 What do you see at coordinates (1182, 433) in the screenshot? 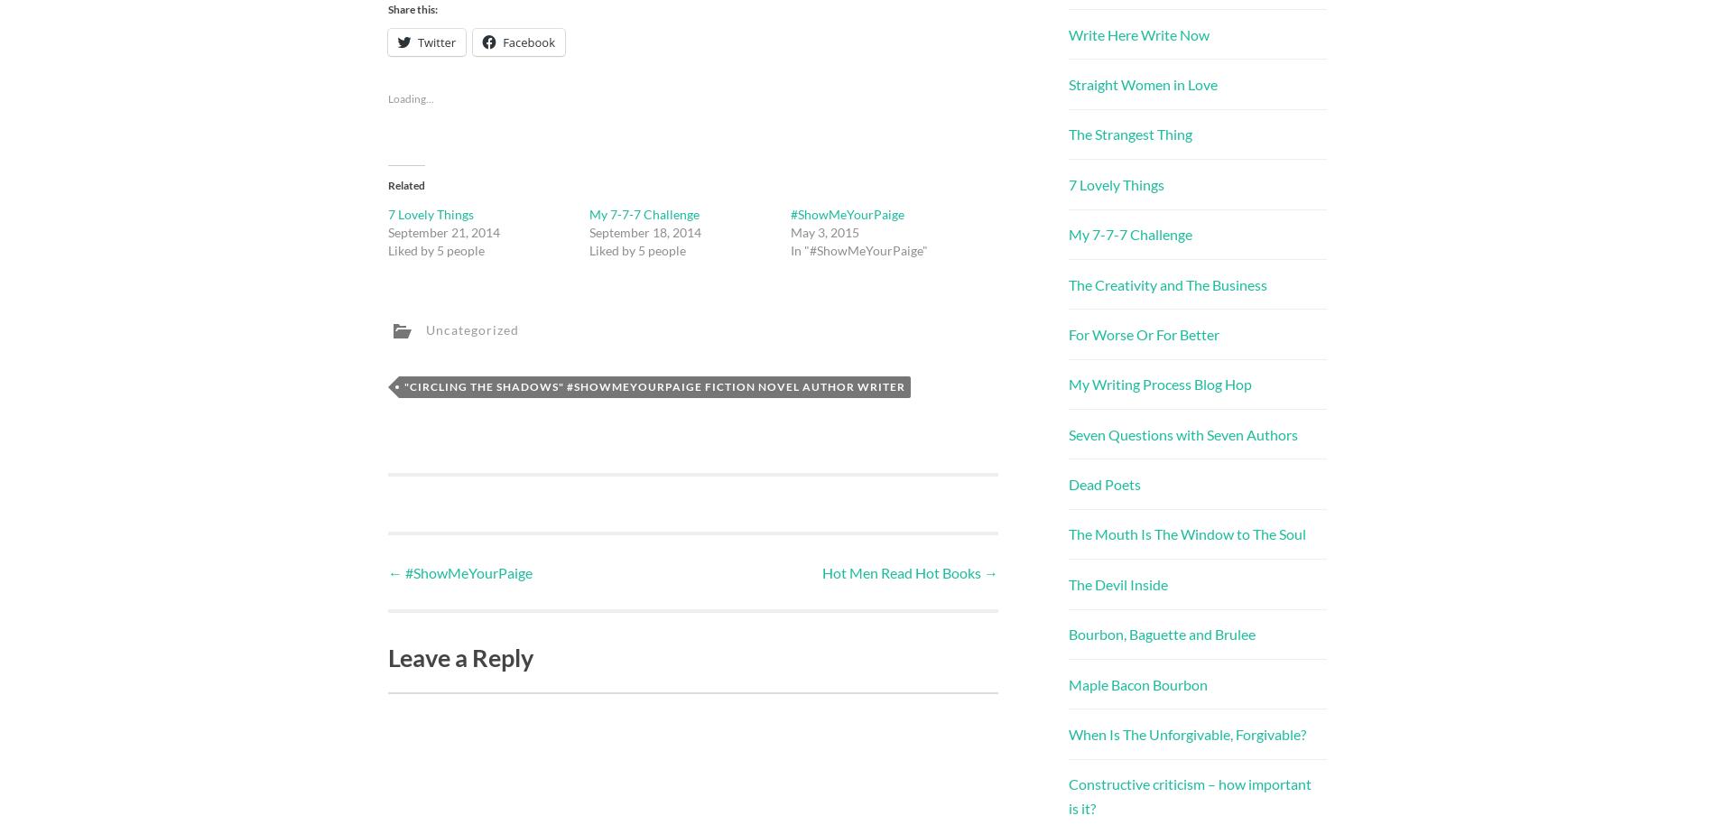
I see `'Seven Questions with Seven Authors'` at bounding box center [1182, 433].